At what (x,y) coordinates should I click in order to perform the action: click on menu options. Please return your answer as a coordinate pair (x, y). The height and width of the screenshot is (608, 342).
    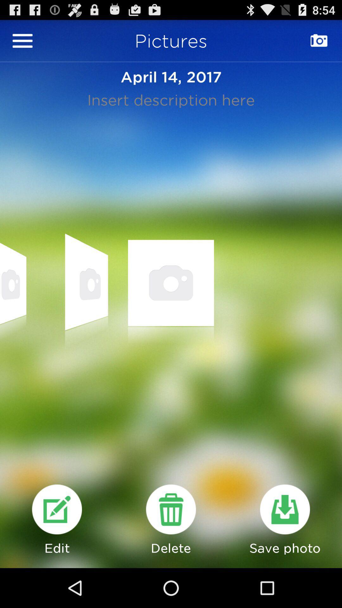
    Looking at the image, I should click on (22, 41).